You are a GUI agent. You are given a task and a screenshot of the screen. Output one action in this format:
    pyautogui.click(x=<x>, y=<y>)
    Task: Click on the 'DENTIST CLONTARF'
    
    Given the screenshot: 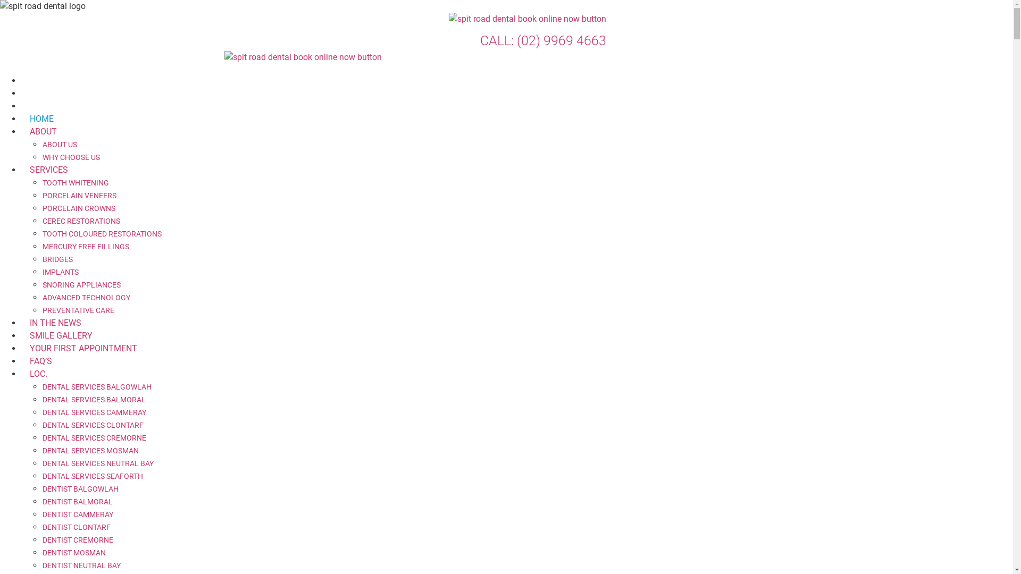 What is the action you would take?
    pyautogui.click(x=76, y=527)
    